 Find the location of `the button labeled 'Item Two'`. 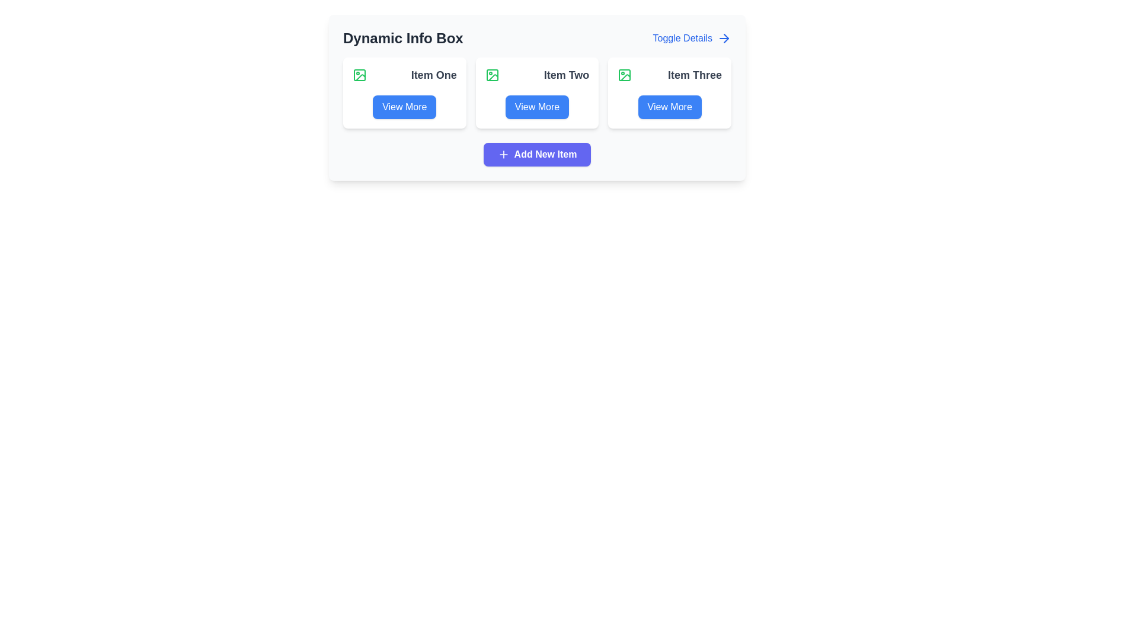

the button labeled 'Item Two' is located at coordinates (536, 107).